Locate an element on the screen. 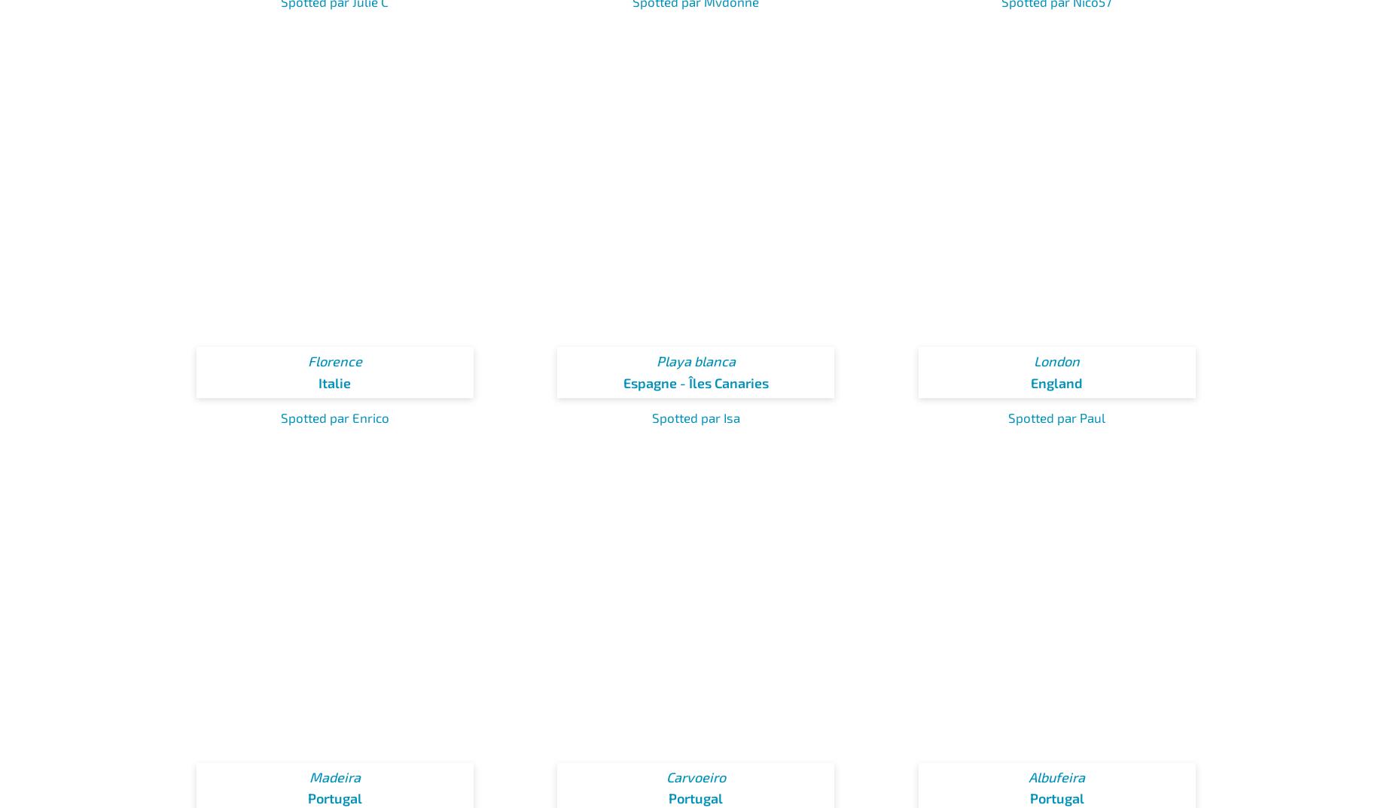  'Madeira' is located at coordinates (334, 776).